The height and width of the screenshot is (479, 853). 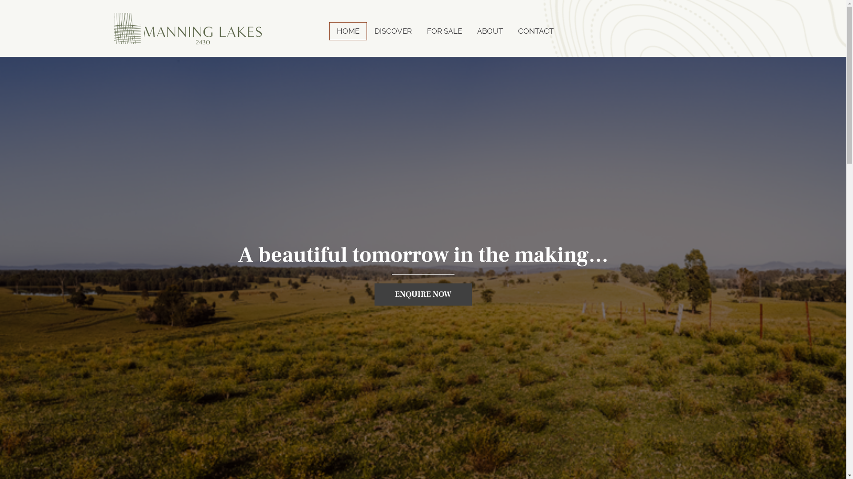 I want to click on 'CONTACT', so click(x=510, y=31).